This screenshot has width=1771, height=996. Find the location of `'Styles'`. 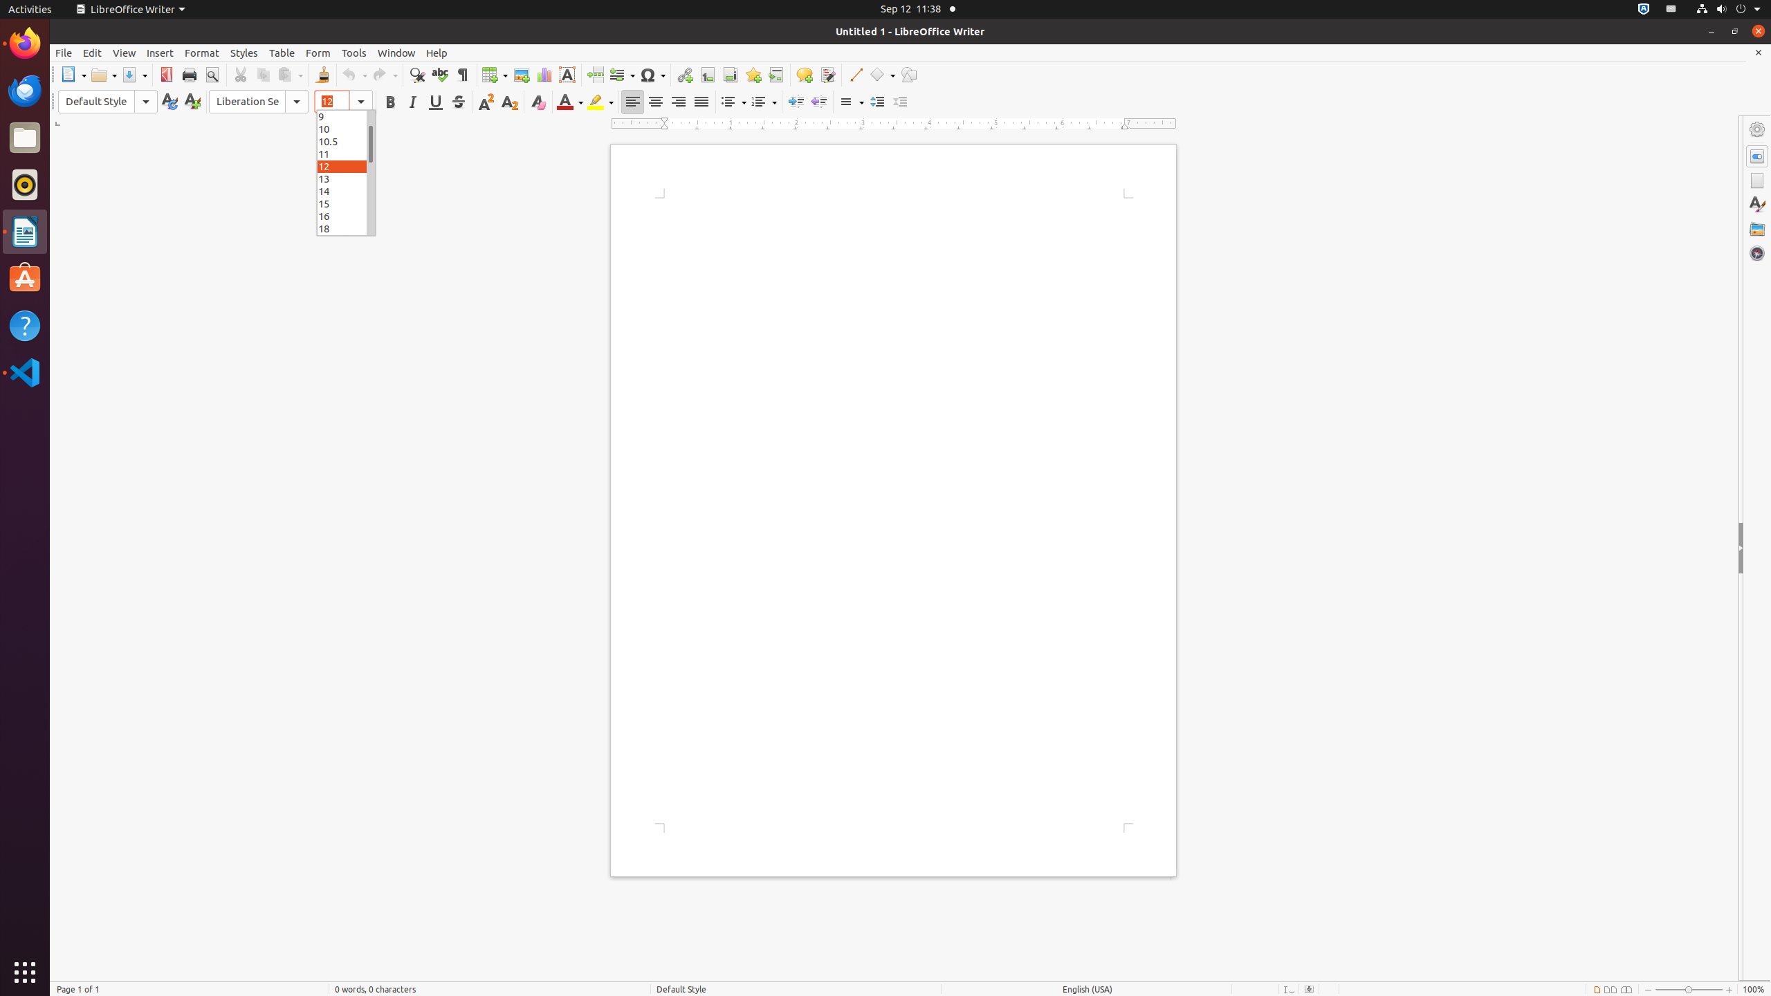

'Styles' is located at coordinates (244, 53).